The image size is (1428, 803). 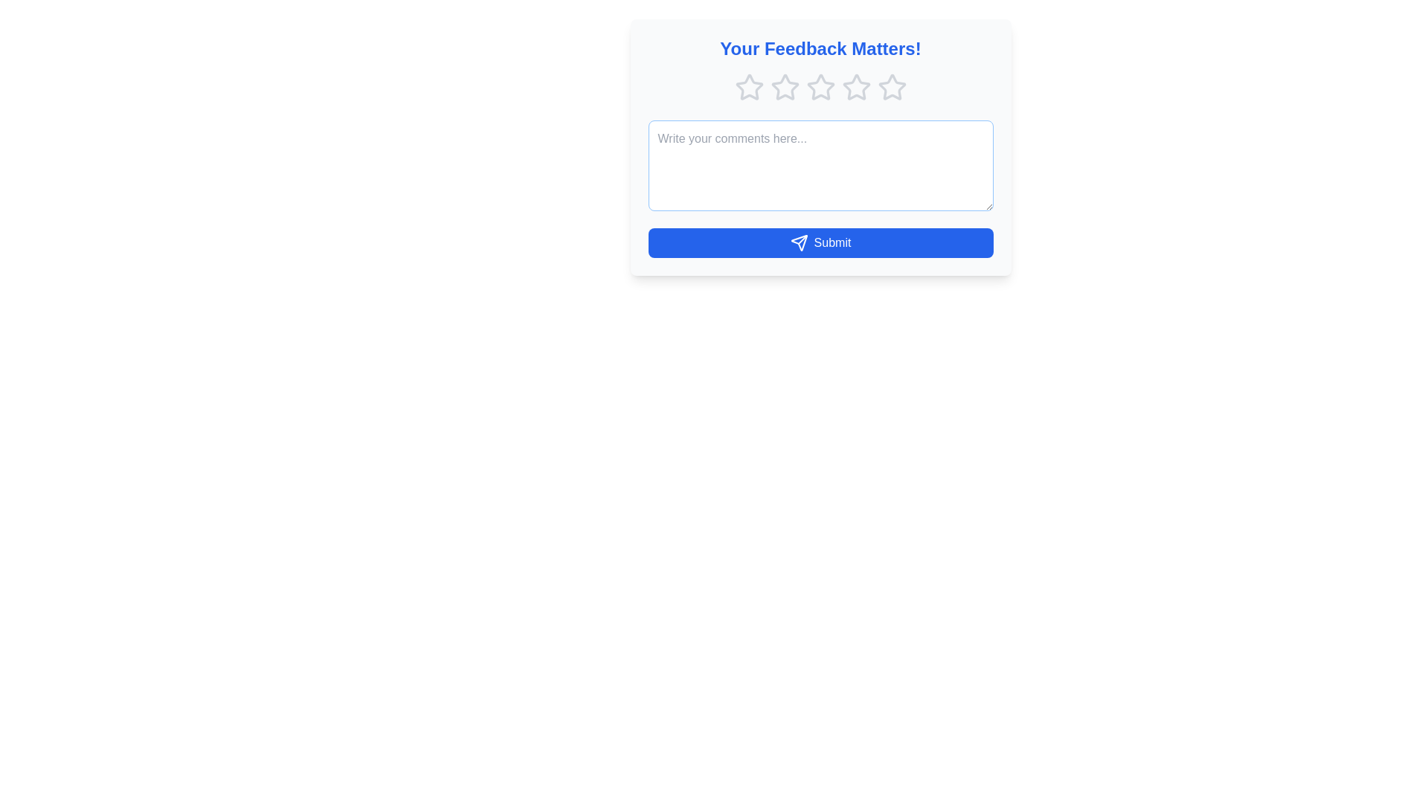 I want to click on the second star icon in the rating system to give a second-level rating, so click(x=820, y=87).